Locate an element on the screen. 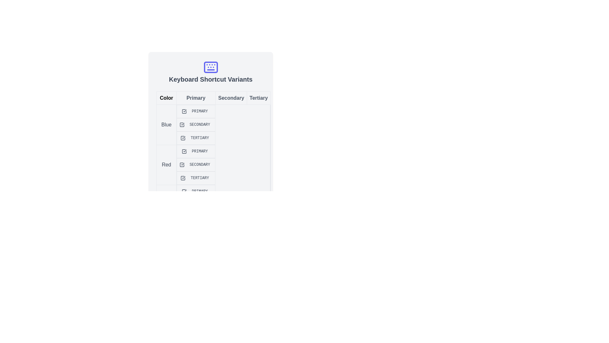 This screenshot has height=343, width=609. the rectangular badge labeled 'Tertiary' with a blue background and text, located in a table under the 'Tertiary' column and associated with the 'Blue' row is located at coordinates (200, 138).